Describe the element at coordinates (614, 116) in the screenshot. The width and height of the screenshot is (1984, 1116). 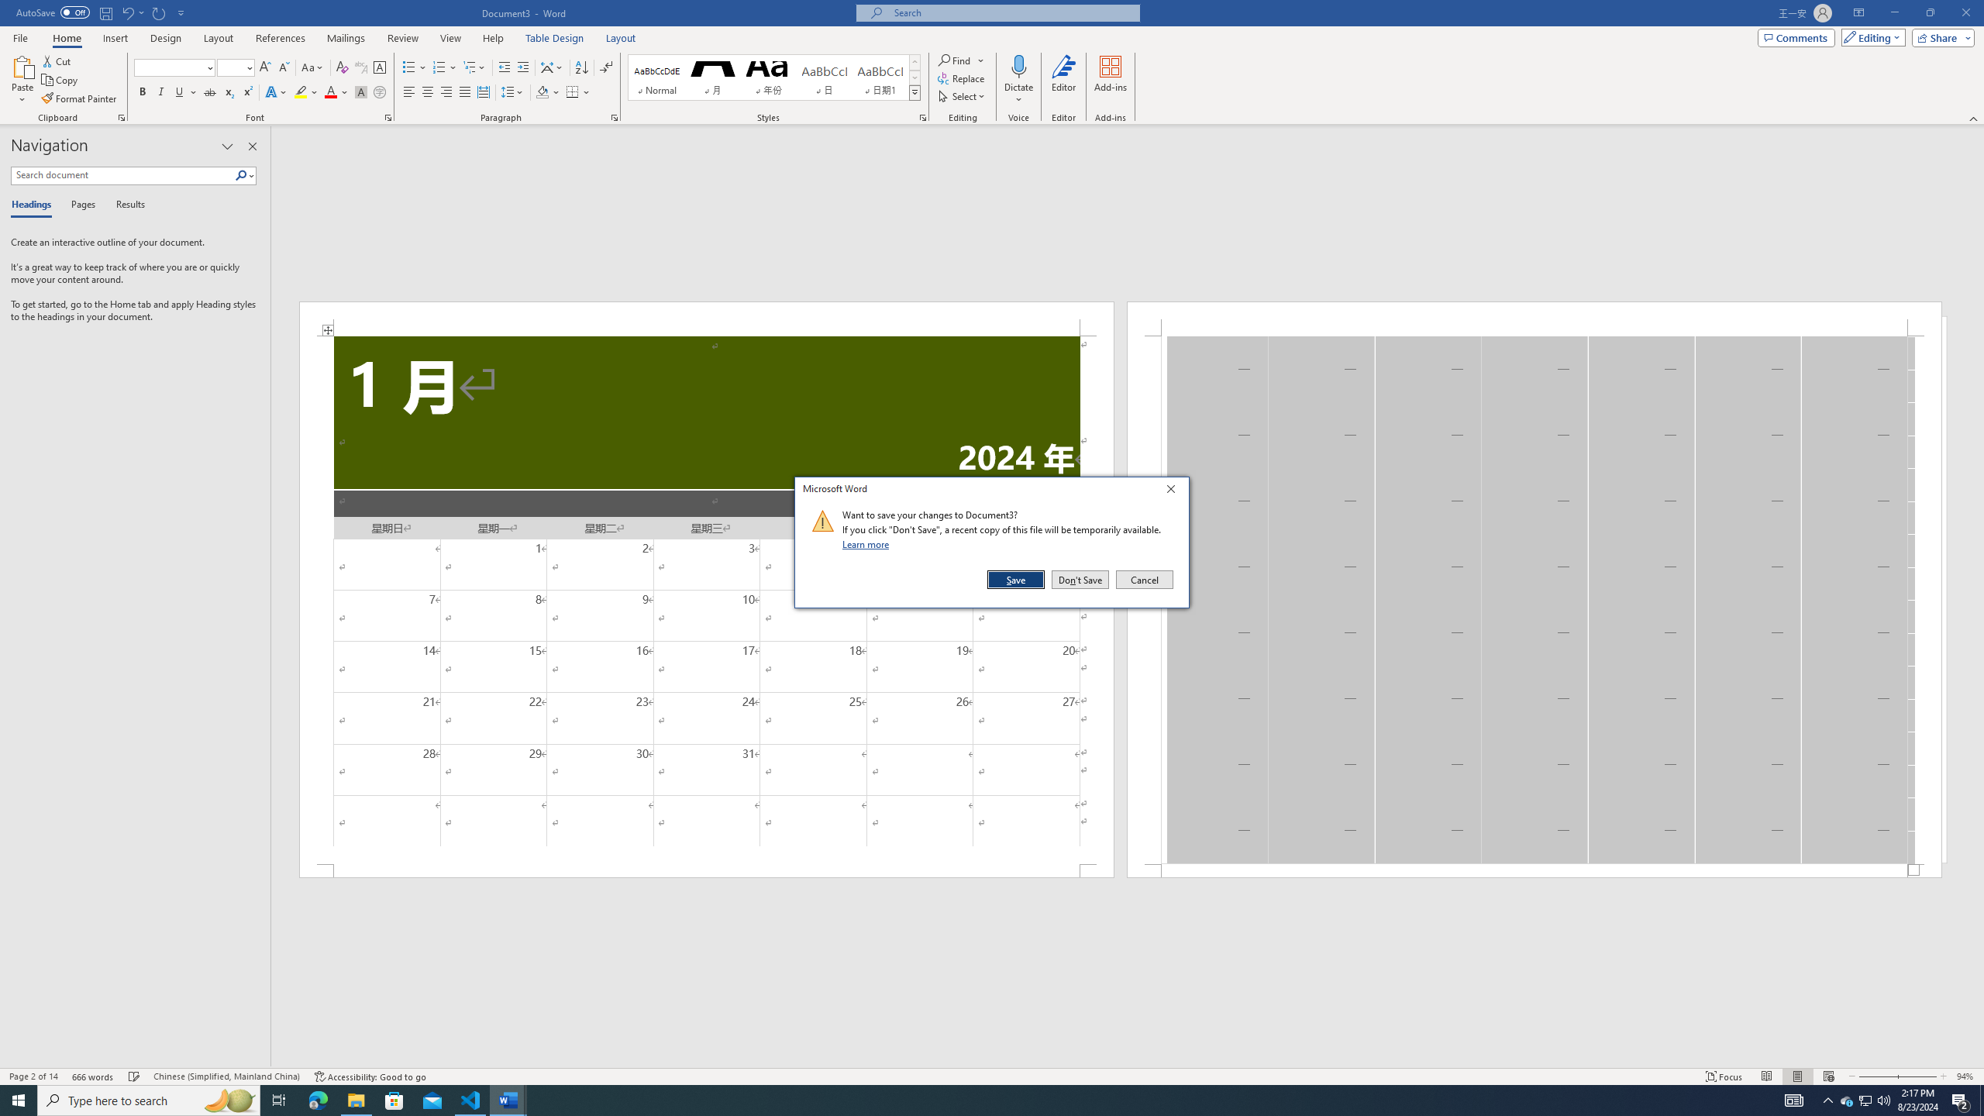
I see `'Paragraph...'` at that location.